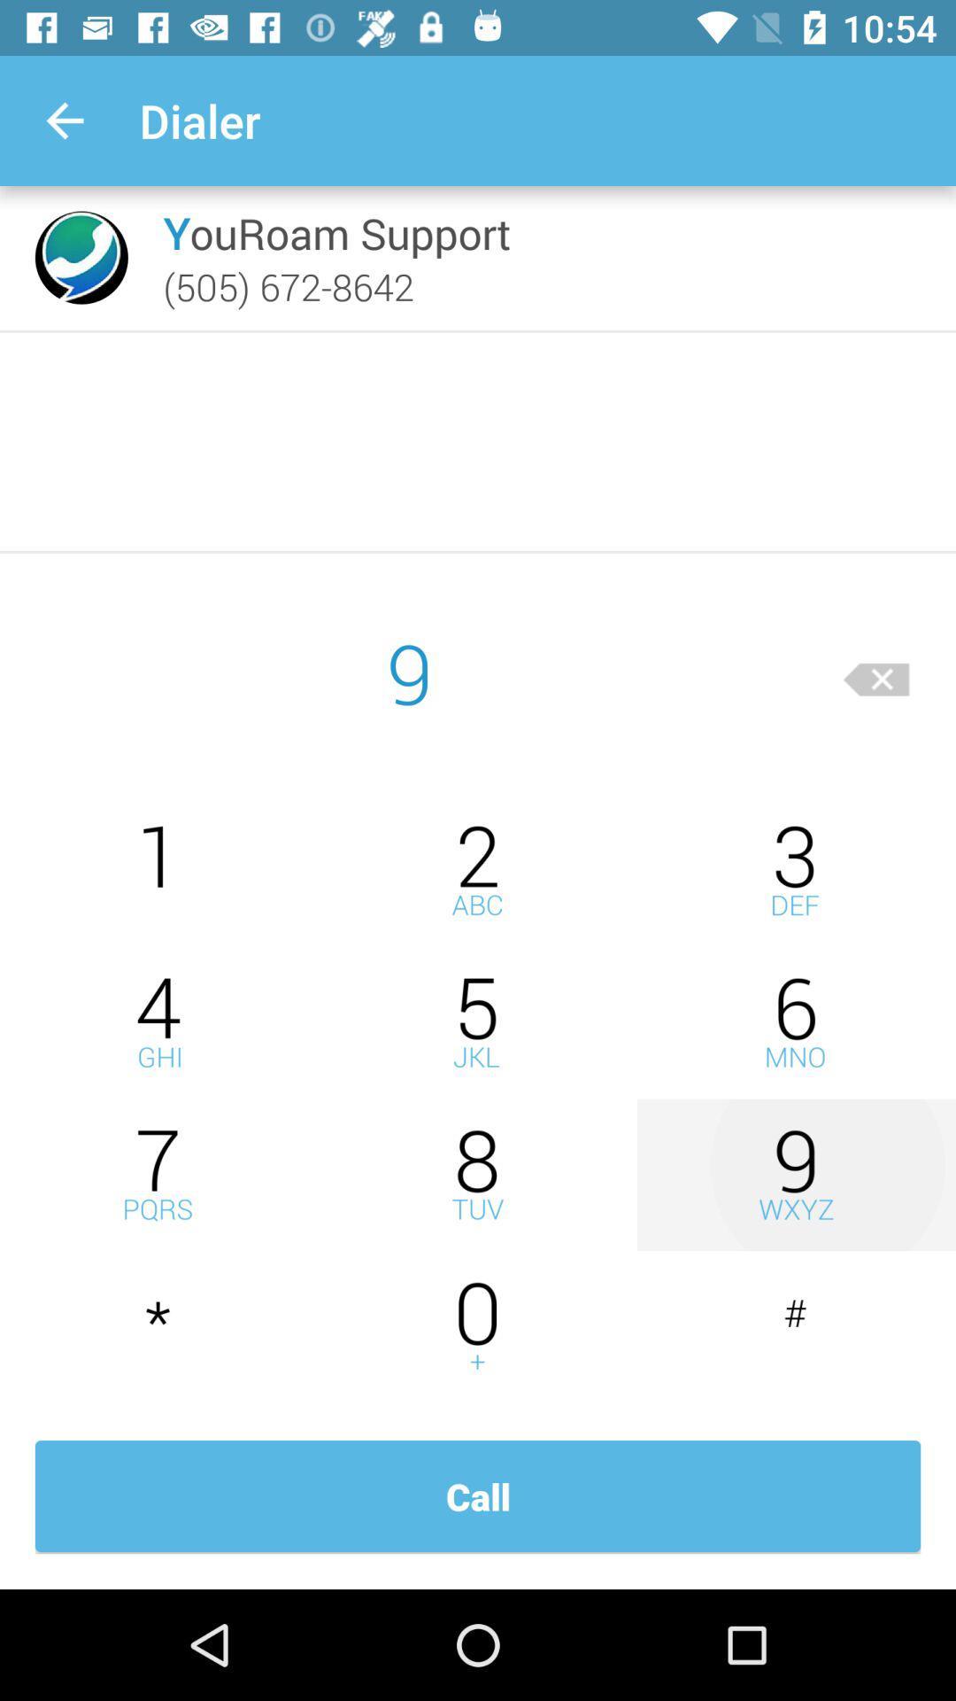 Image resolution: width=956 pixels, height=1701 pixels. Describe the element at coordinates (159, 1022) in the screenshot. I see `number four` at that location.